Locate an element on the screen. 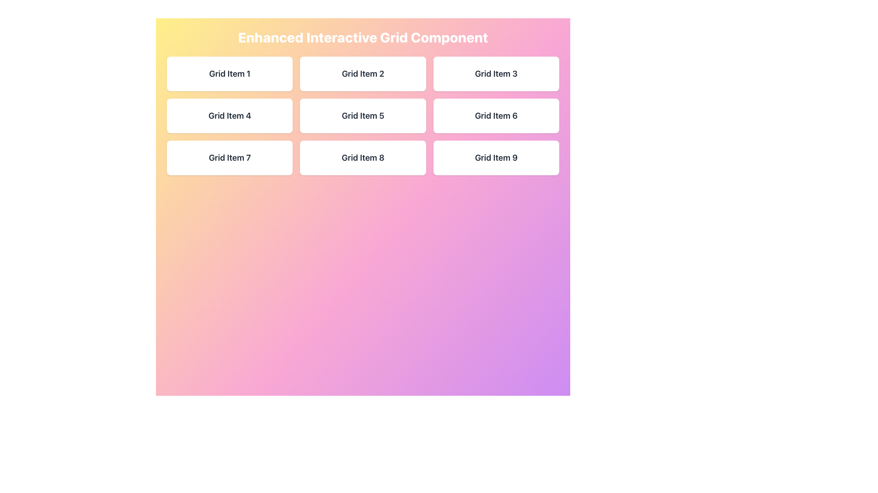 The height and width of the screenshot is (493, 878). the button-like interactive grid card located in the second row and second column of the grid structure is located at coordinates (362, 115).